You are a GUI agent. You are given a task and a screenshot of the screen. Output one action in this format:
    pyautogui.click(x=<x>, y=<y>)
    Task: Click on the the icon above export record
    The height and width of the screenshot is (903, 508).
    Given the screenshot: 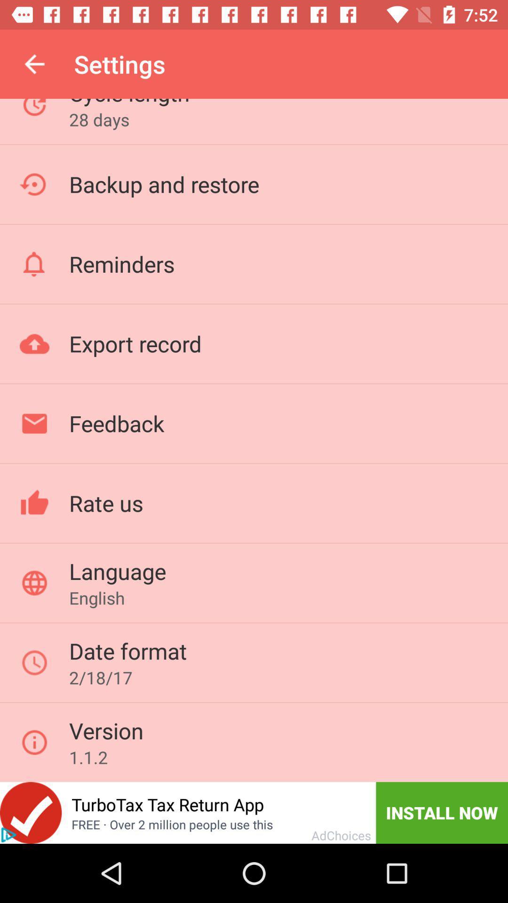 What is the action you would take?
    pyautogui.click(x=121, y=263)
    